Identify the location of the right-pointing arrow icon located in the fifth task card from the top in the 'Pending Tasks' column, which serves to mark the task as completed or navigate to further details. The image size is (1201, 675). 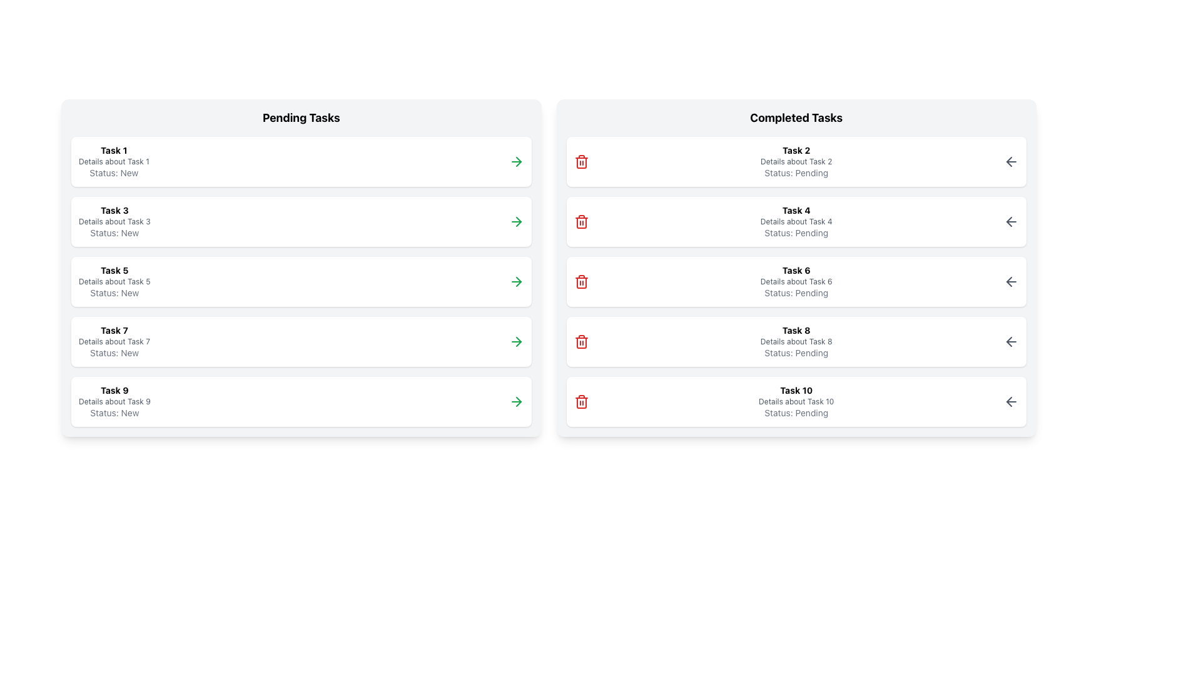
(519, 282).